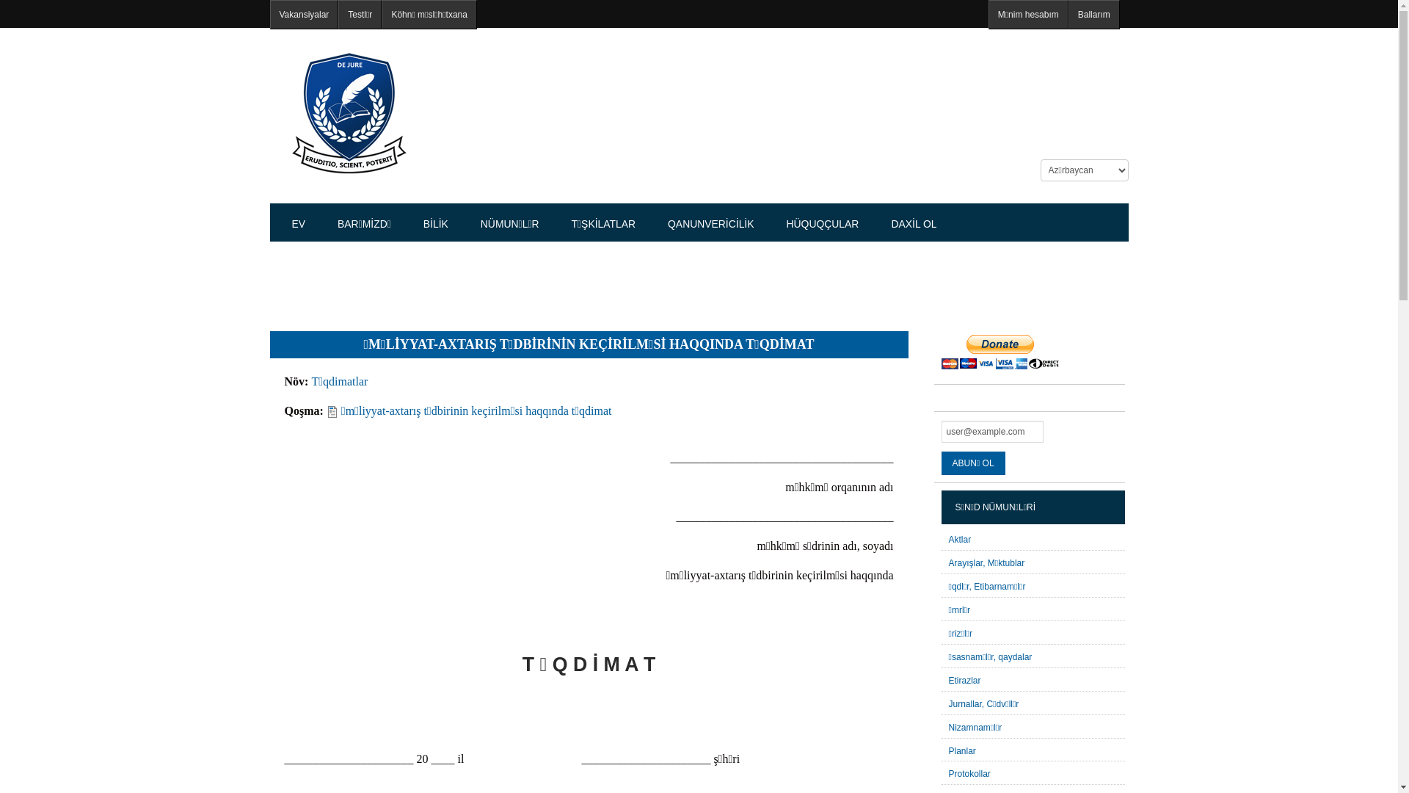  What do you see at coordinates (710, 223) in the screenshot?
I see `'QANUNVERICILIK'` at bounding box center [710, 223].